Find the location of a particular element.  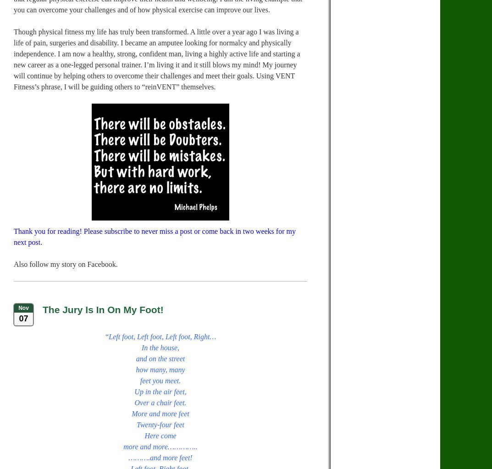

'Over a chair feet.' is located at coordinates (160, 403).